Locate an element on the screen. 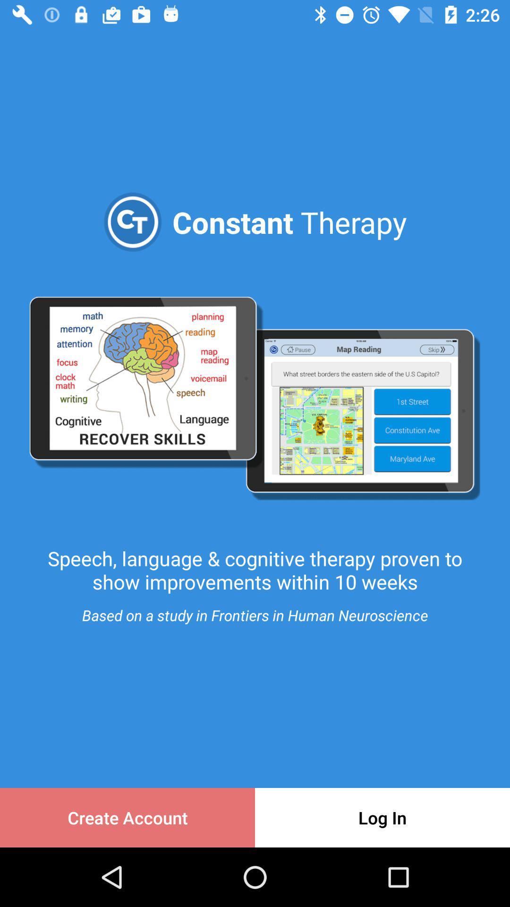  the icon to the left of the log in is located at coordinates (127, 817).